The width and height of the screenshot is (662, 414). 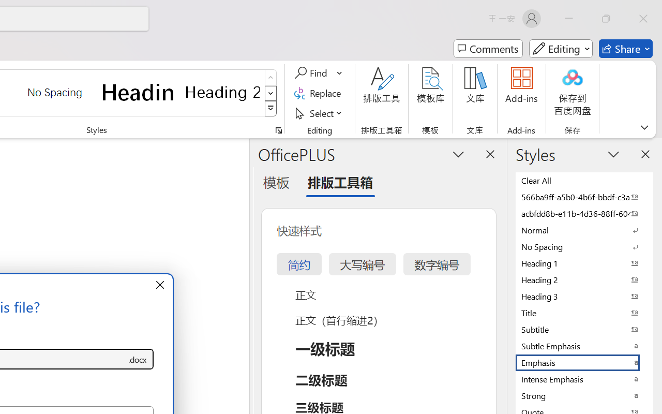 What do you see at coordinates (270, 78) in the screenshot?
I see `'Row up'` at bounding box center [270, 78].